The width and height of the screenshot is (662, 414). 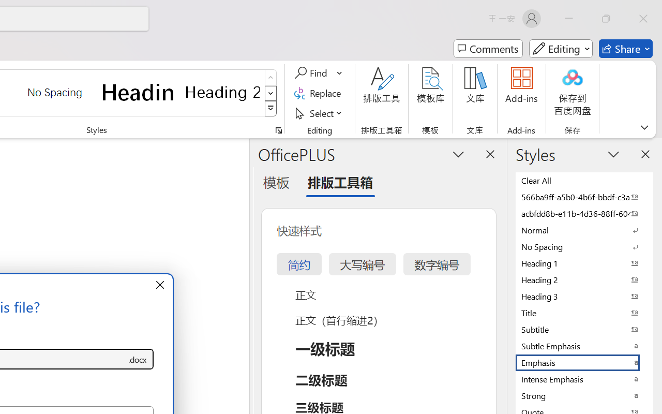 What do you see at coordinates (270, 78) in the screenshot?
I see `'Row up'` at bounding box center [270, 78].